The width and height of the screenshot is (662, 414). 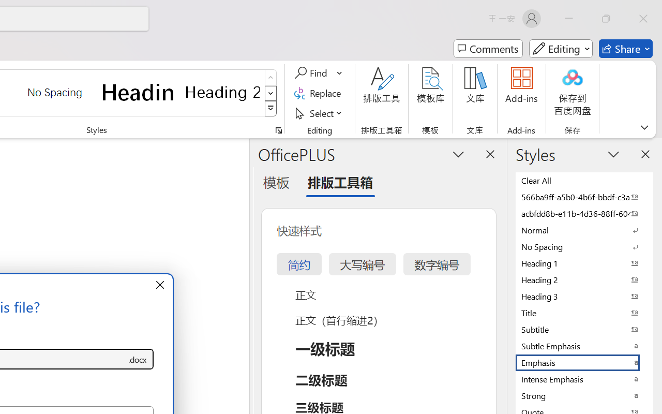 What do you see at coordinates (270, 78) in the screenshot?
I see `'Row up'` at bounding box center [270, 78].